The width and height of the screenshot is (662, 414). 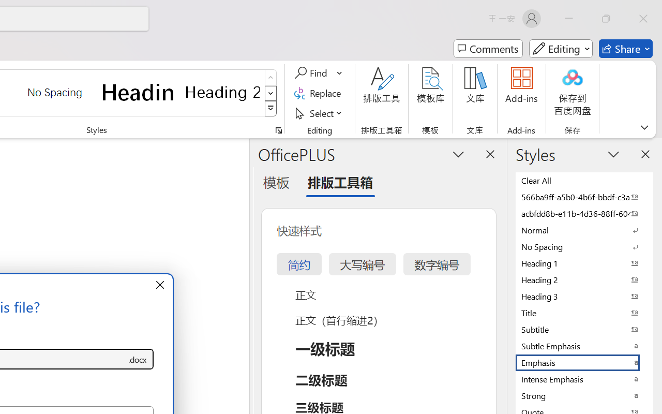 What do you see at coordinates (270, 78) in the screenshot?
I see `'Row up'` at bounding box center [270, 78].